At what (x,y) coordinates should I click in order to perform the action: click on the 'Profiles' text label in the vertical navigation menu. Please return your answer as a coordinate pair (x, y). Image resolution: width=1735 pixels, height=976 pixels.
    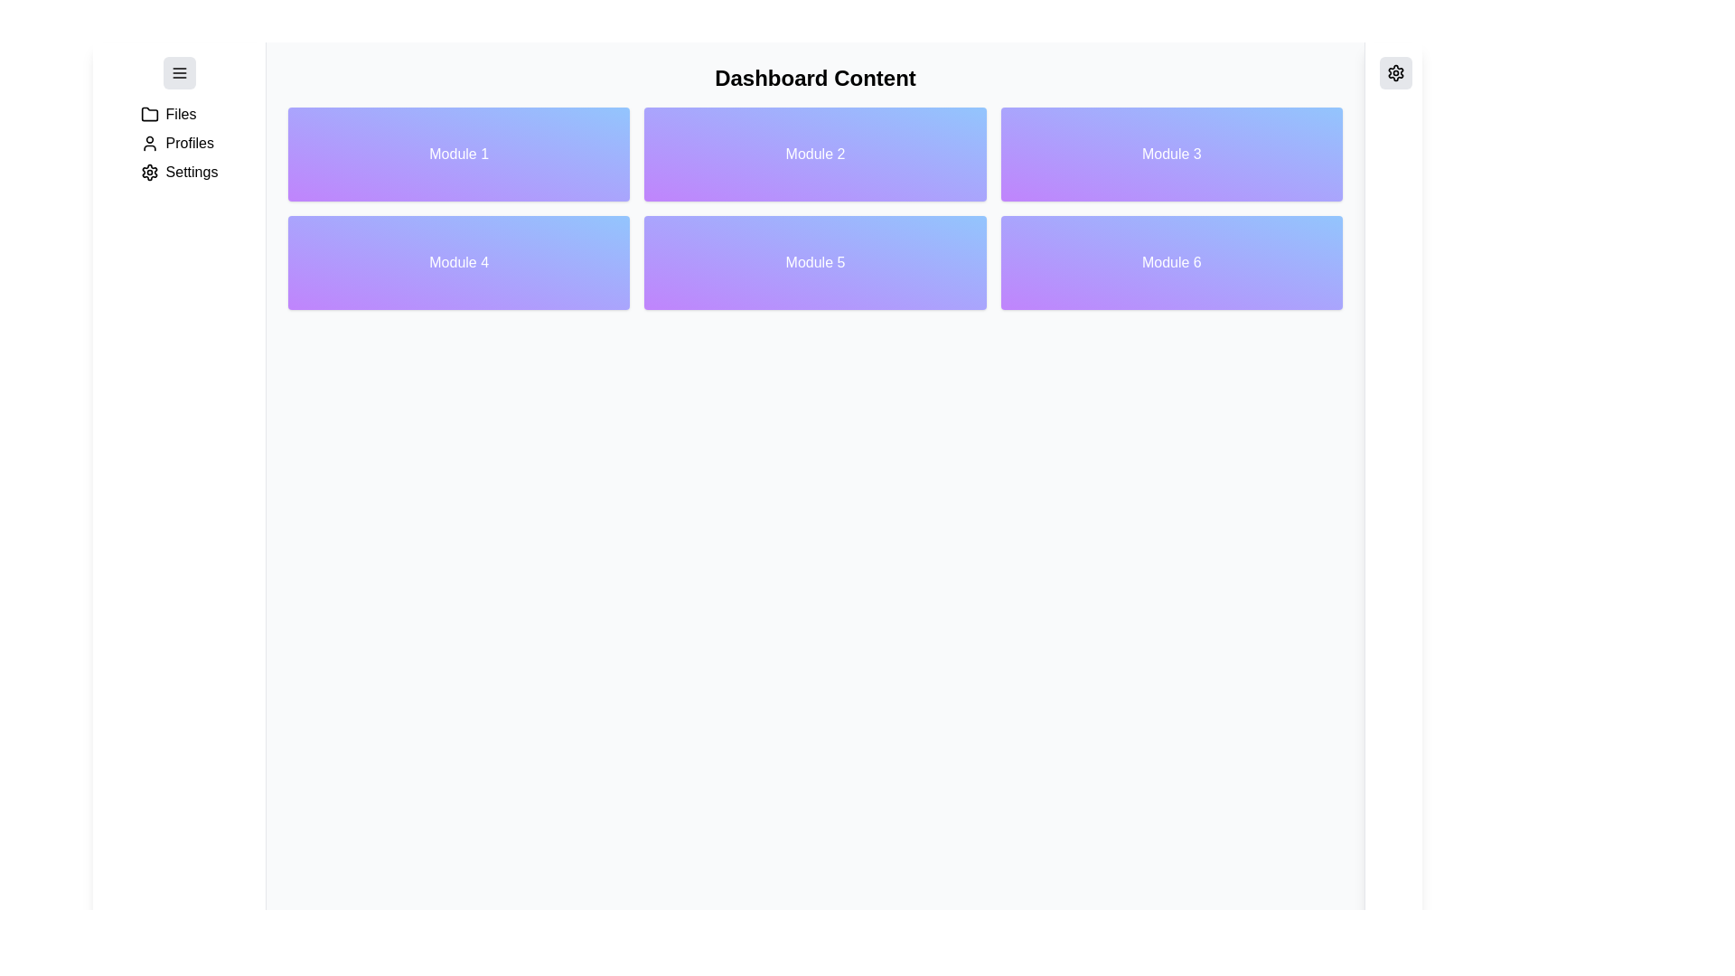
    Looking at the image, I should click on (190, 142).